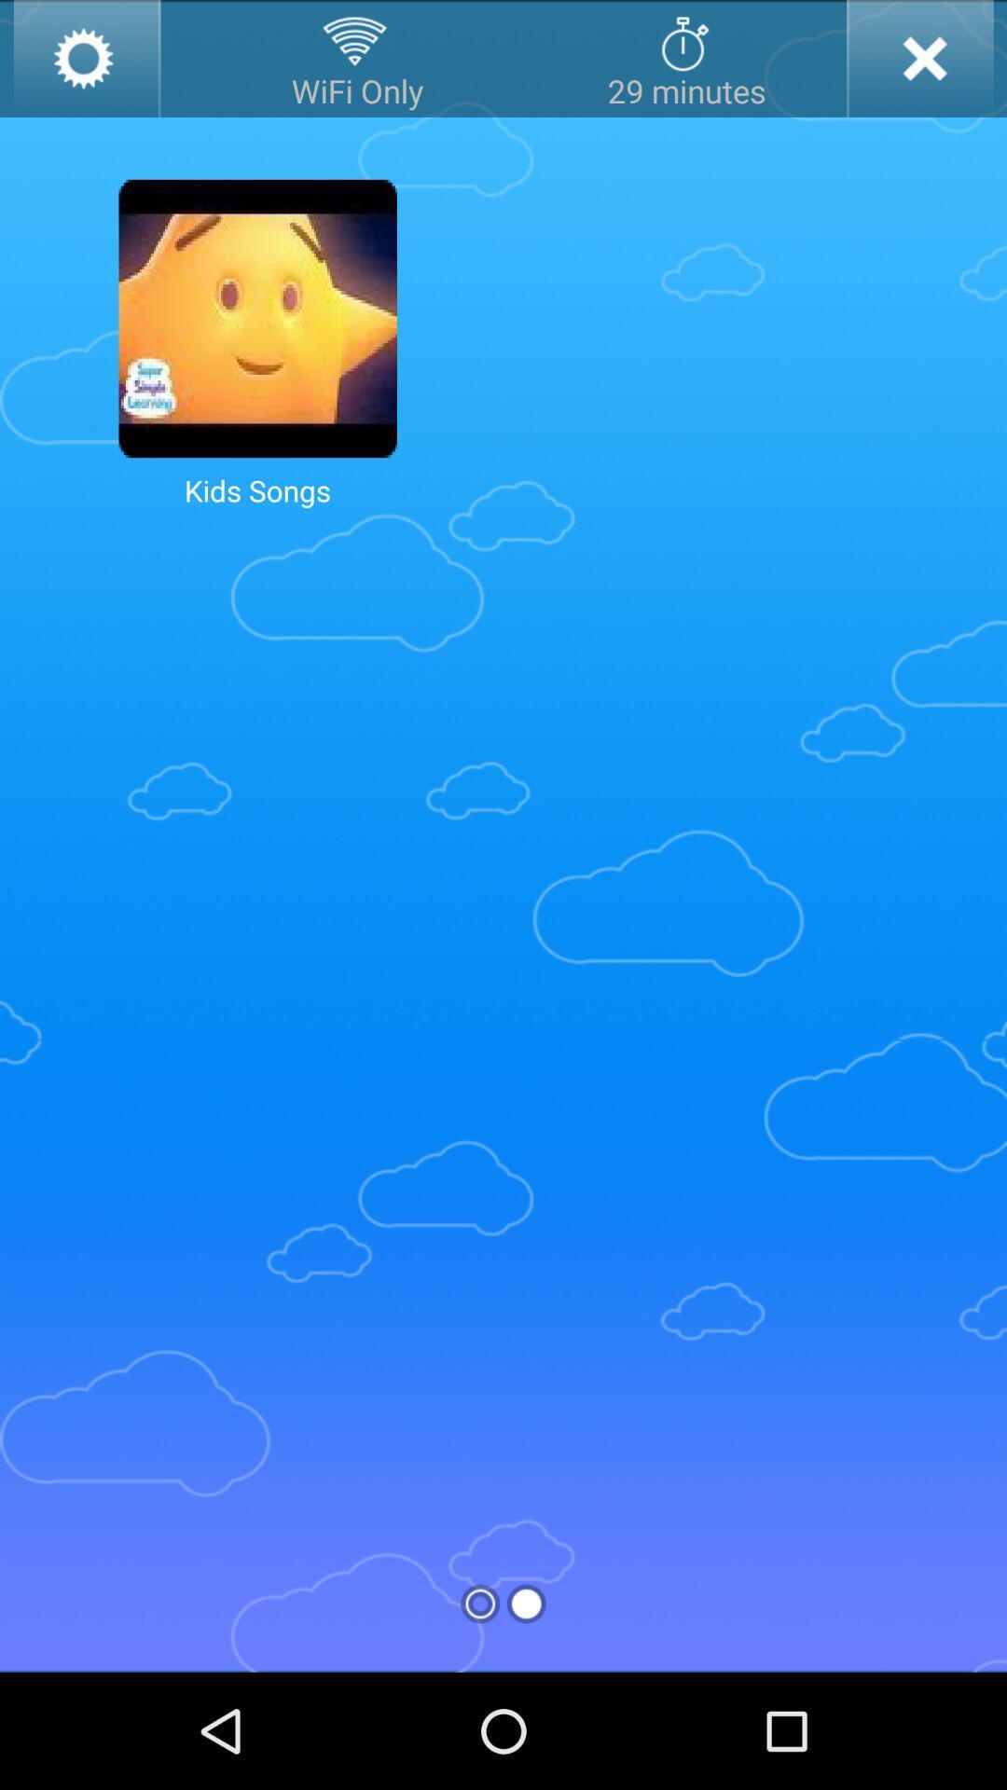  Describe the element at coordinates (257, 318) in the screenshot. I see `a kids song` at that location.